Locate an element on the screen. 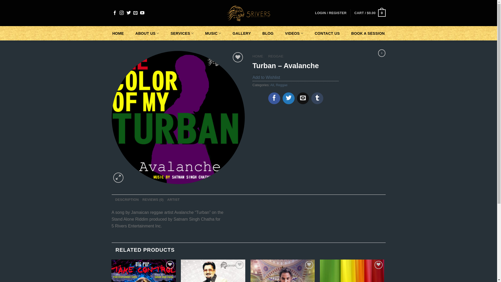 The height and width of the screenshot is (282, 501). 'CART / $0.00 is located at coordinates (369, 13).